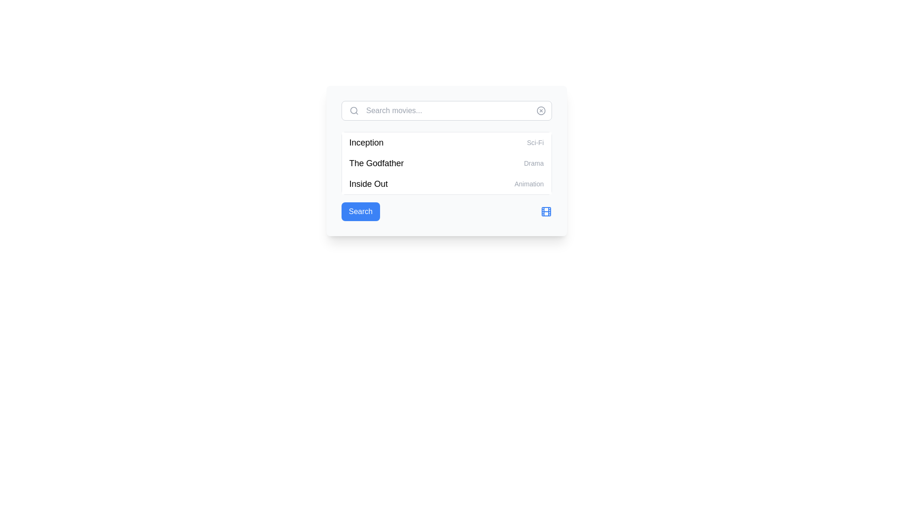 The height and width of the screenshot is (507, 902). Describe the element at coordinates (353, 110) in the screenshot. I see `the small gray magnifying glass icon located at the far left of the search bar UI element by clicking on it` at that location.